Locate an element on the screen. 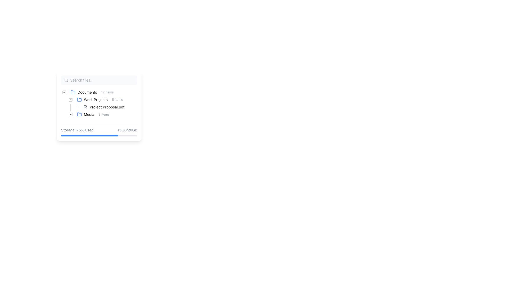  the folder icon representing the 'Documents' entry in the file directory tree is located at coordinates (72, 92).